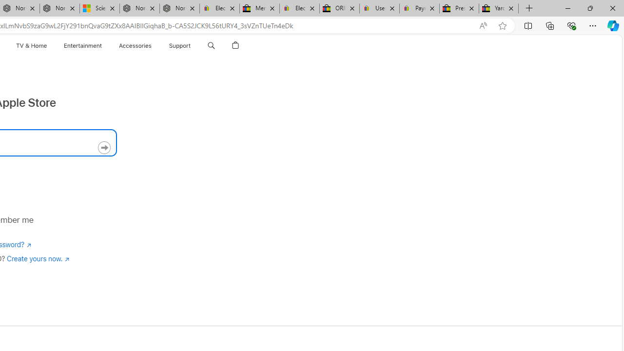 This screenshot has width=624, height=351. Describe the element at coordinates (32, 45) in the screenshot. I see `'TV and Home'` at that location.